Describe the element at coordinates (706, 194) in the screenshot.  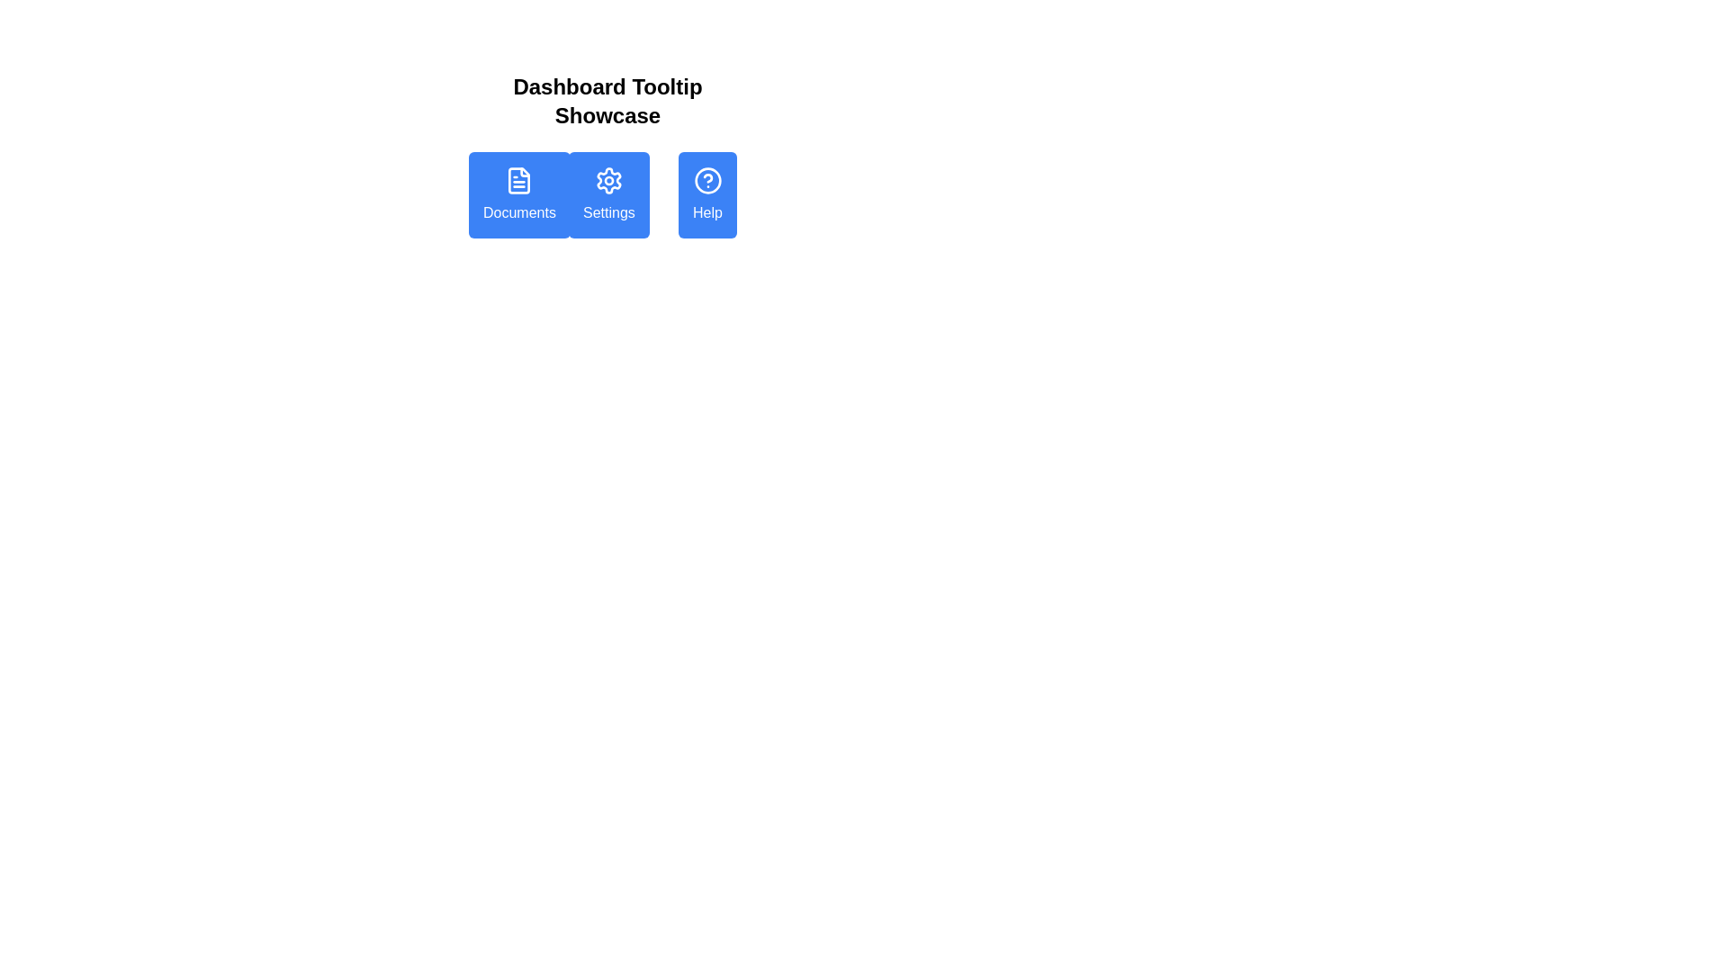
I see `the 'Help' button located in the rightmost column of the grid layout titled 'Dashboard Tooltip Showcase' to possibly reveal a tooltip` at that location.